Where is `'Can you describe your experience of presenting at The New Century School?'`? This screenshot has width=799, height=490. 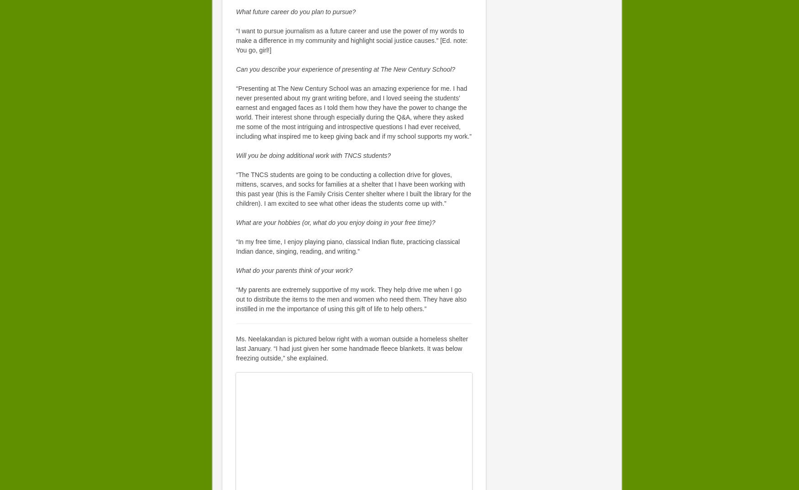
'Can you describe your experience of presenting at The New Century School?' is located at coordinates (345, 68).